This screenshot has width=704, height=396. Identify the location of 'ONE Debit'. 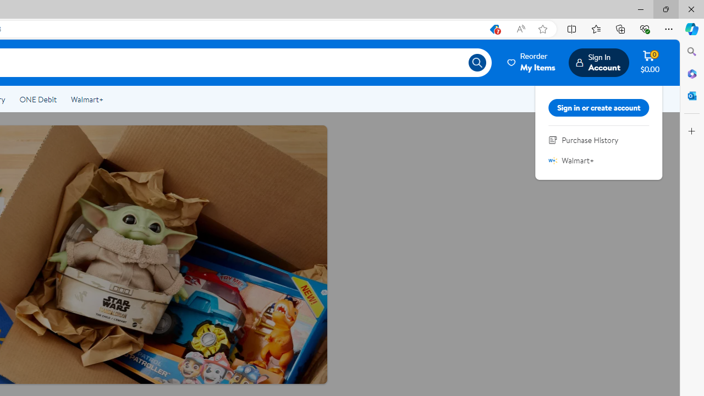
(38, 100).